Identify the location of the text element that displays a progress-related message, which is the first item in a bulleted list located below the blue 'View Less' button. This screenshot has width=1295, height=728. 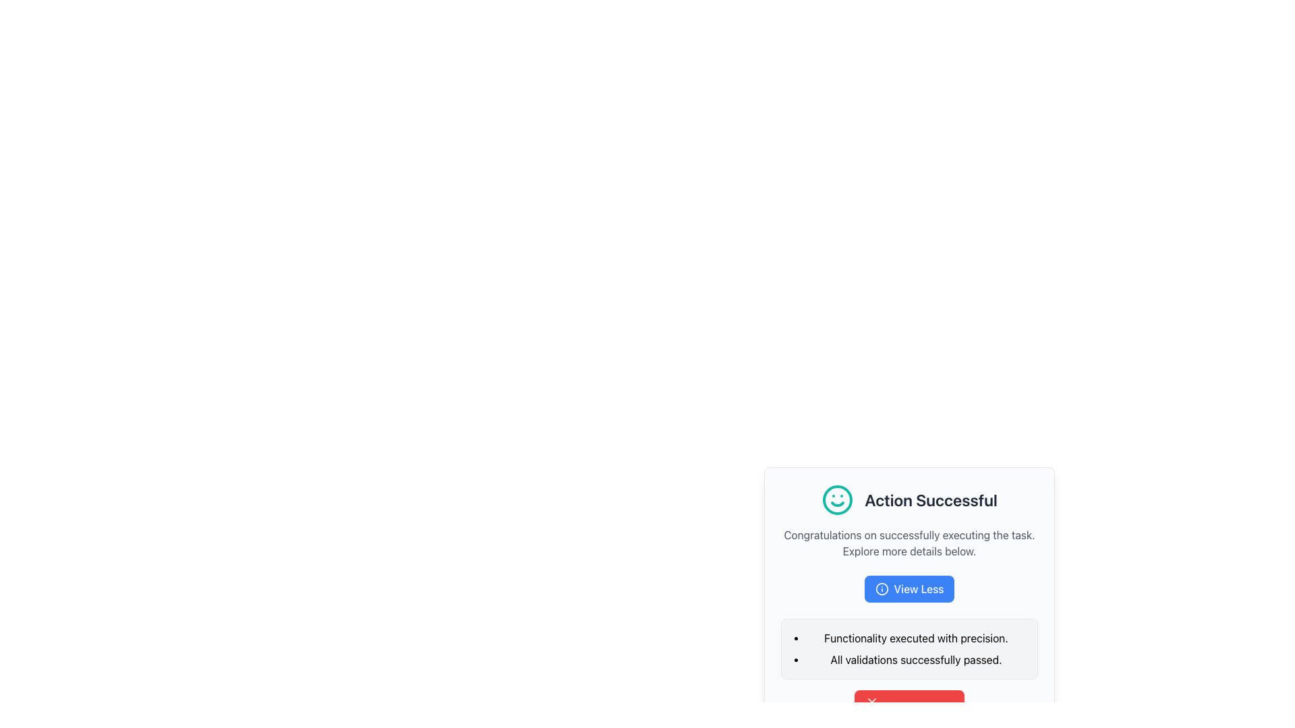
(916, 638).